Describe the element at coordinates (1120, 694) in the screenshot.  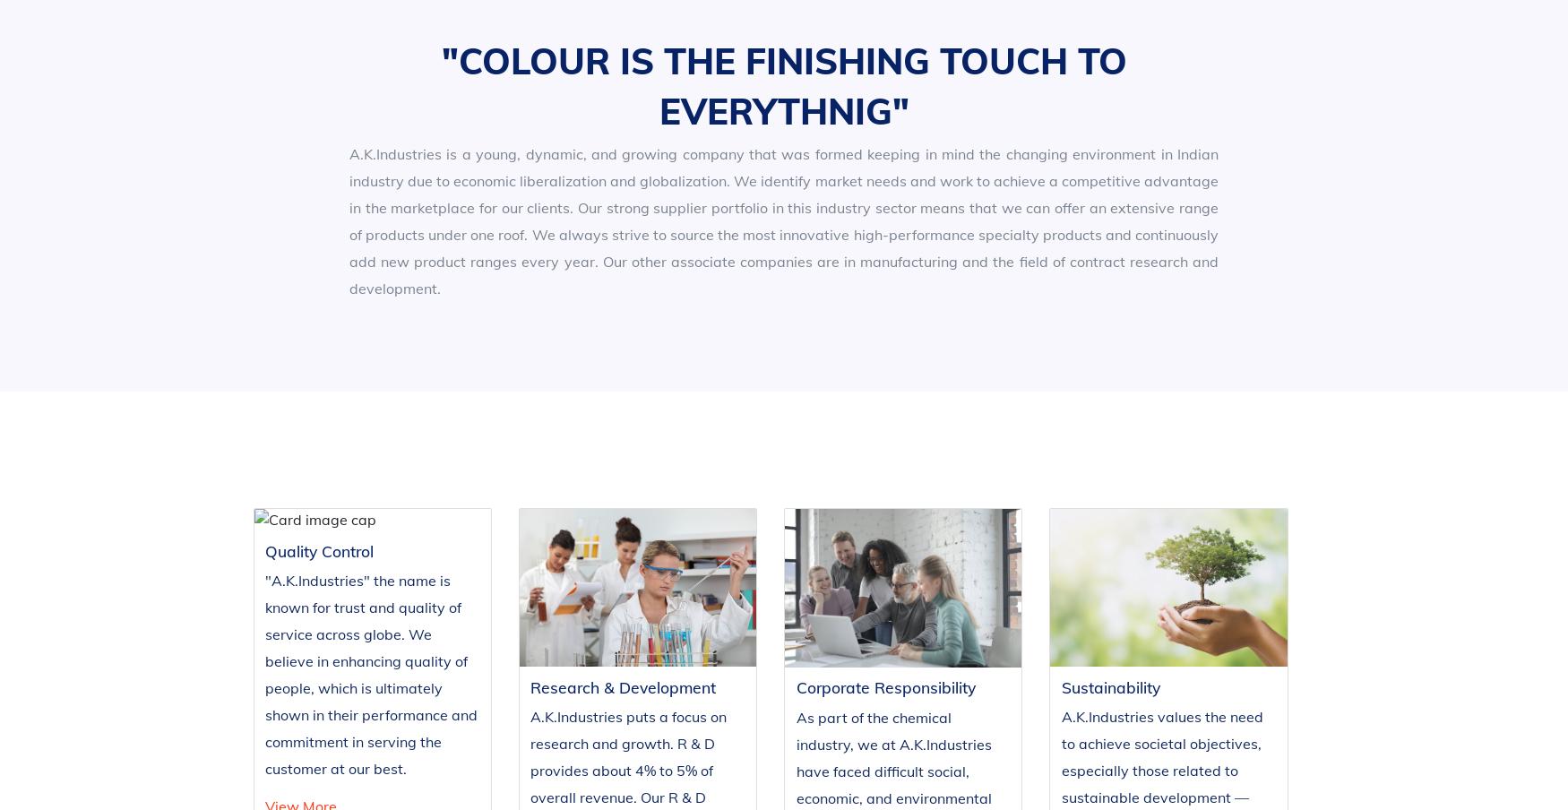
I see `'Phase-III G.I.D.C.'` at that location.